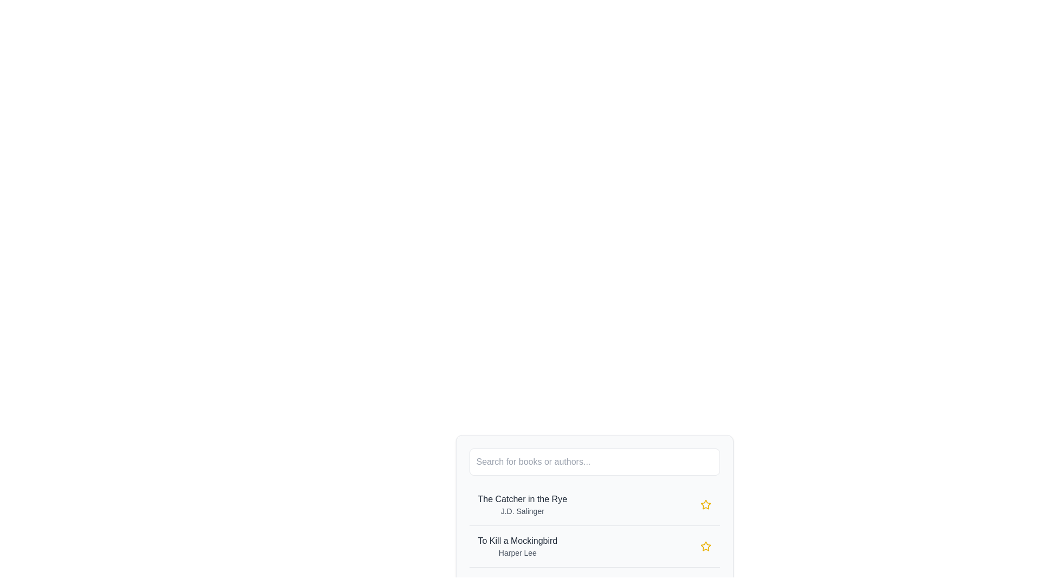  Describe the element at coordinates (522, 499) in the screenshot. I see `the text label displaying 'The Catcher in the Rye', which is positioned above the author's name 'J.D. Salinger' and below a search bar` at that location.